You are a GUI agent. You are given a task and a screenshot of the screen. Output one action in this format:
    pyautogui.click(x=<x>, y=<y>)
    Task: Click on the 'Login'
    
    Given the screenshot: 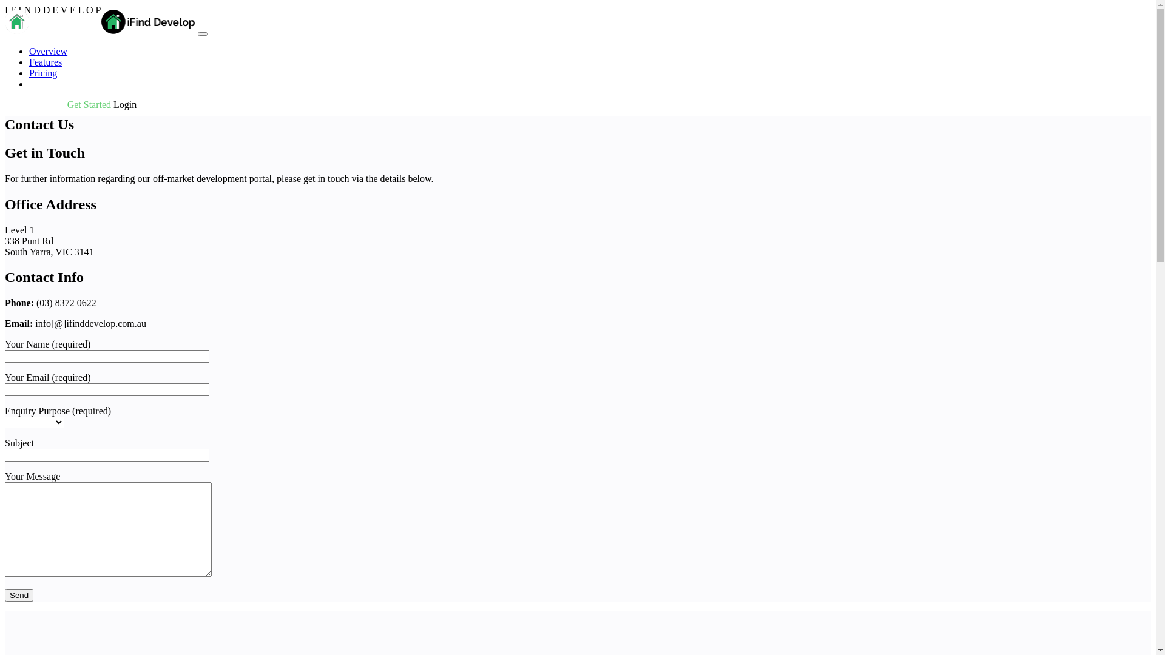 What is the action you would take?
    pyautogui.click(x=125, y=104)
    